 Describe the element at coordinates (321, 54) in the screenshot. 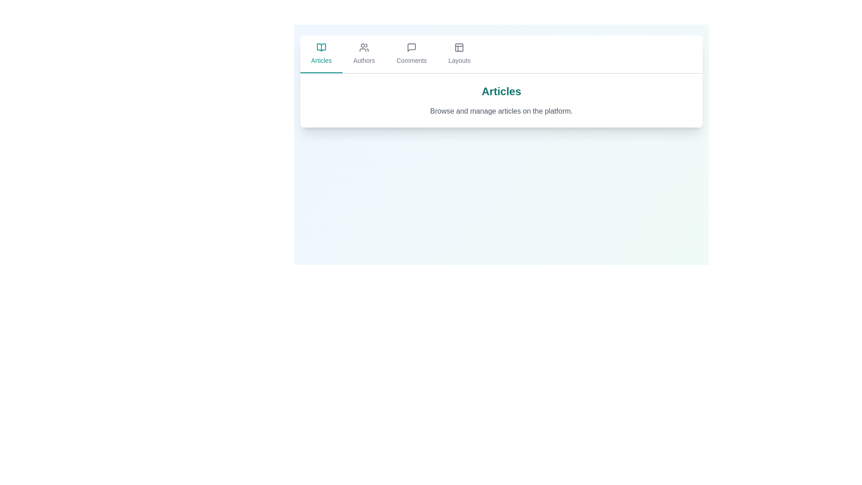

I see `the Articles tab` at that location.